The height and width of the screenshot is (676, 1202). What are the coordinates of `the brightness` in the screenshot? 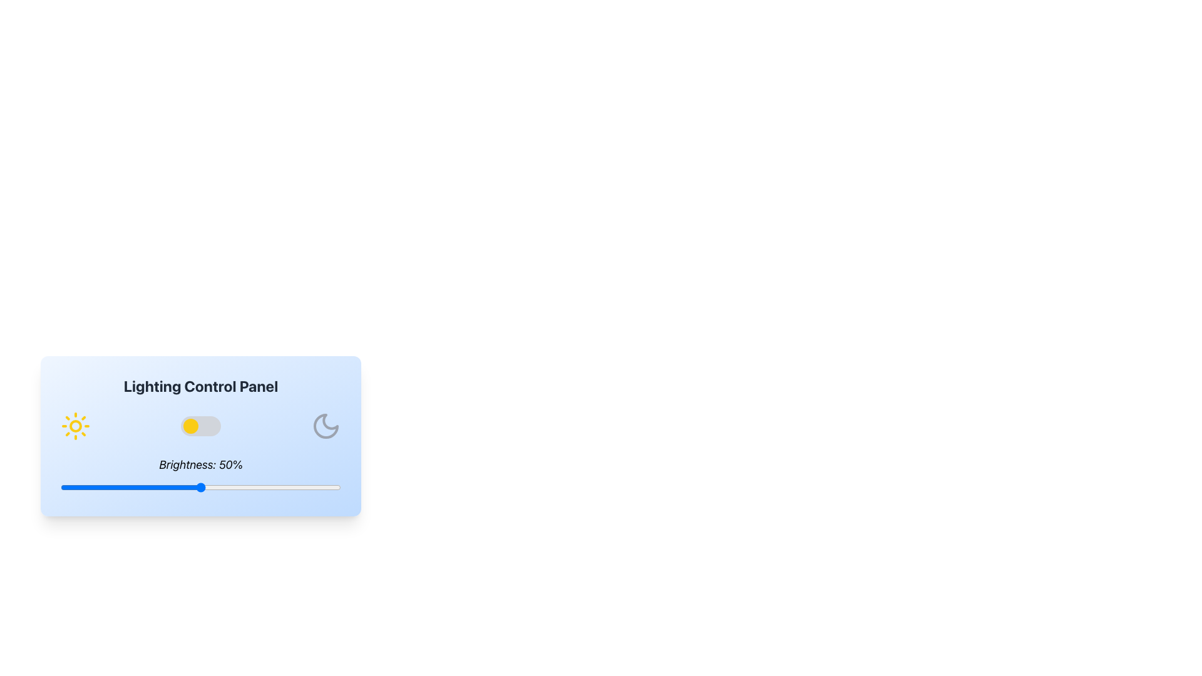 It's located at (259, 487).